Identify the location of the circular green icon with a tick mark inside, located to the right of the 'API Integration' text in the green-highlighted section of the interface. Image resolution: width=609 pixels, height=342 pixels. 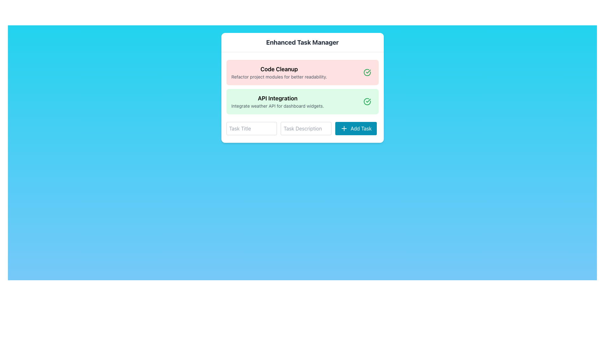
(367, 72).